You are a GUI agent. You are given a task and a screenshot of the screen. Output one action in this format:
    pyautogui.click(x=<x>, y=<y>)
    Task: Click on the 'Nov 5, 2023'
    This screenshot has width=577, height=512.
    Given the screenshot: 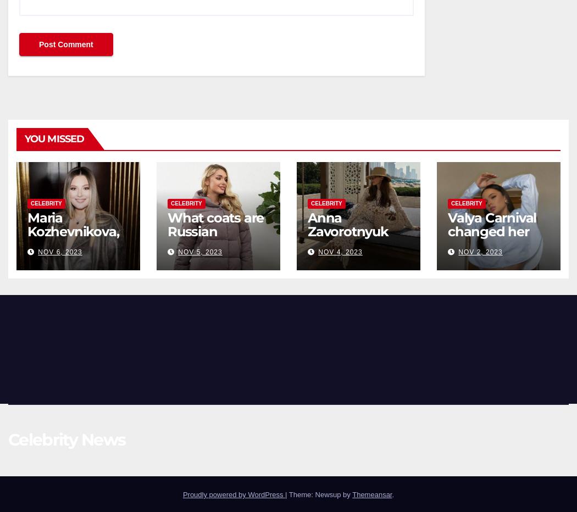 What is the action you would take?
    pyautogui.click(x=178, y=251)
    